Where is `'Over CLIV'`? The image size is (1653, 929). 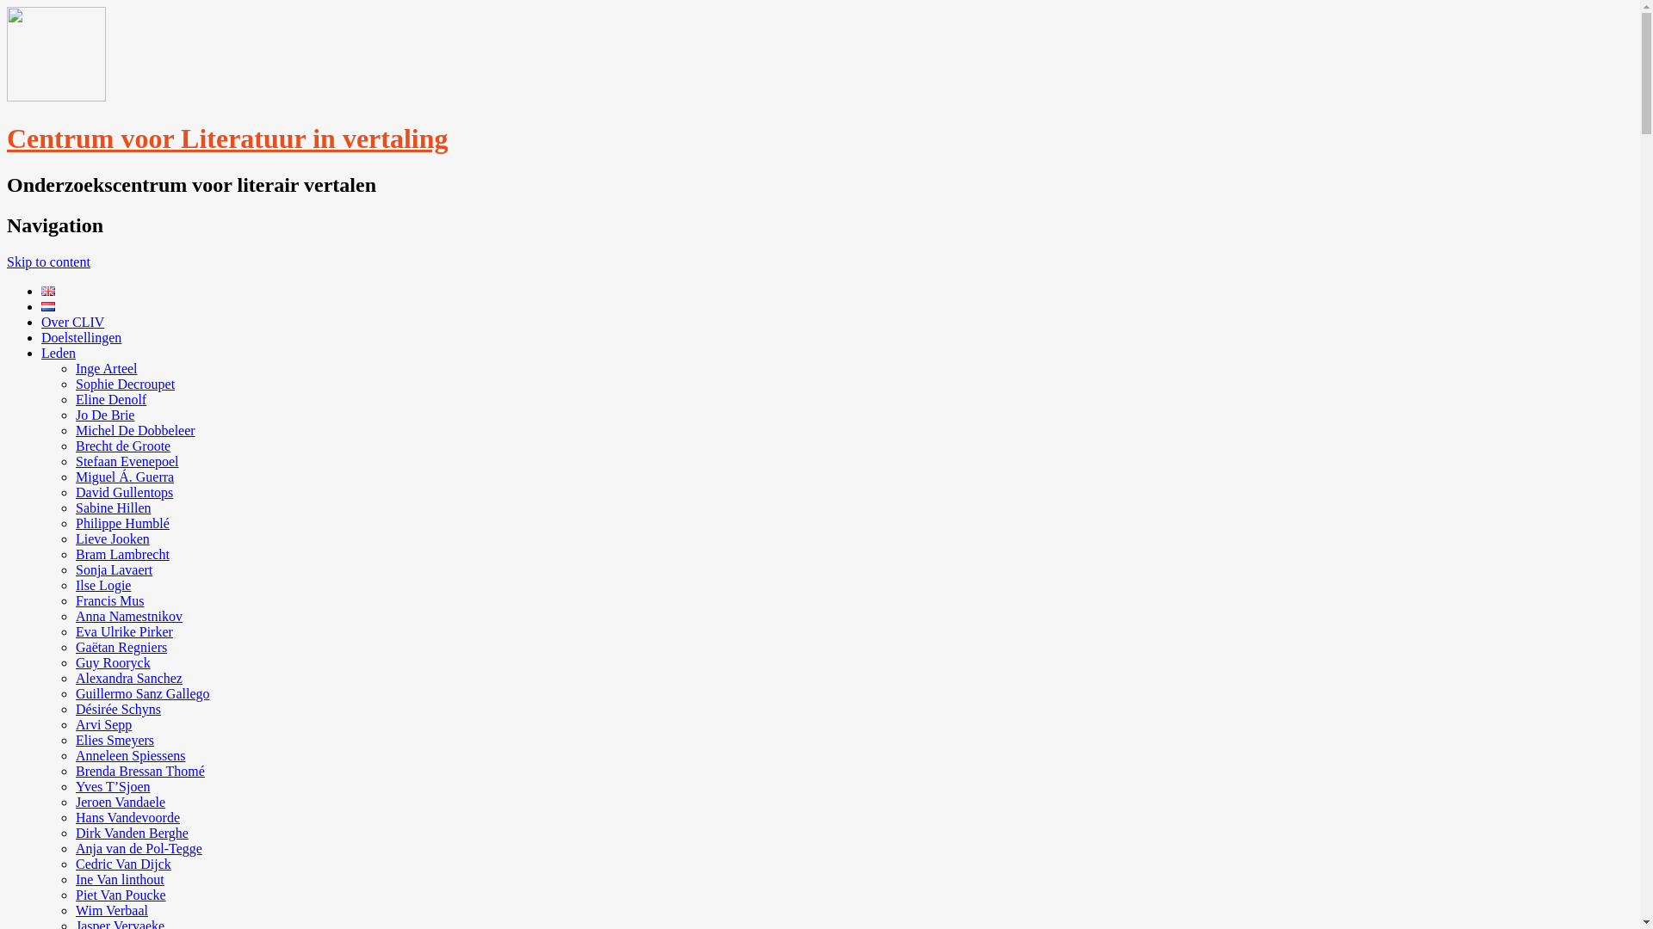
'Over CLIV' is located at coordinates (41, 322).